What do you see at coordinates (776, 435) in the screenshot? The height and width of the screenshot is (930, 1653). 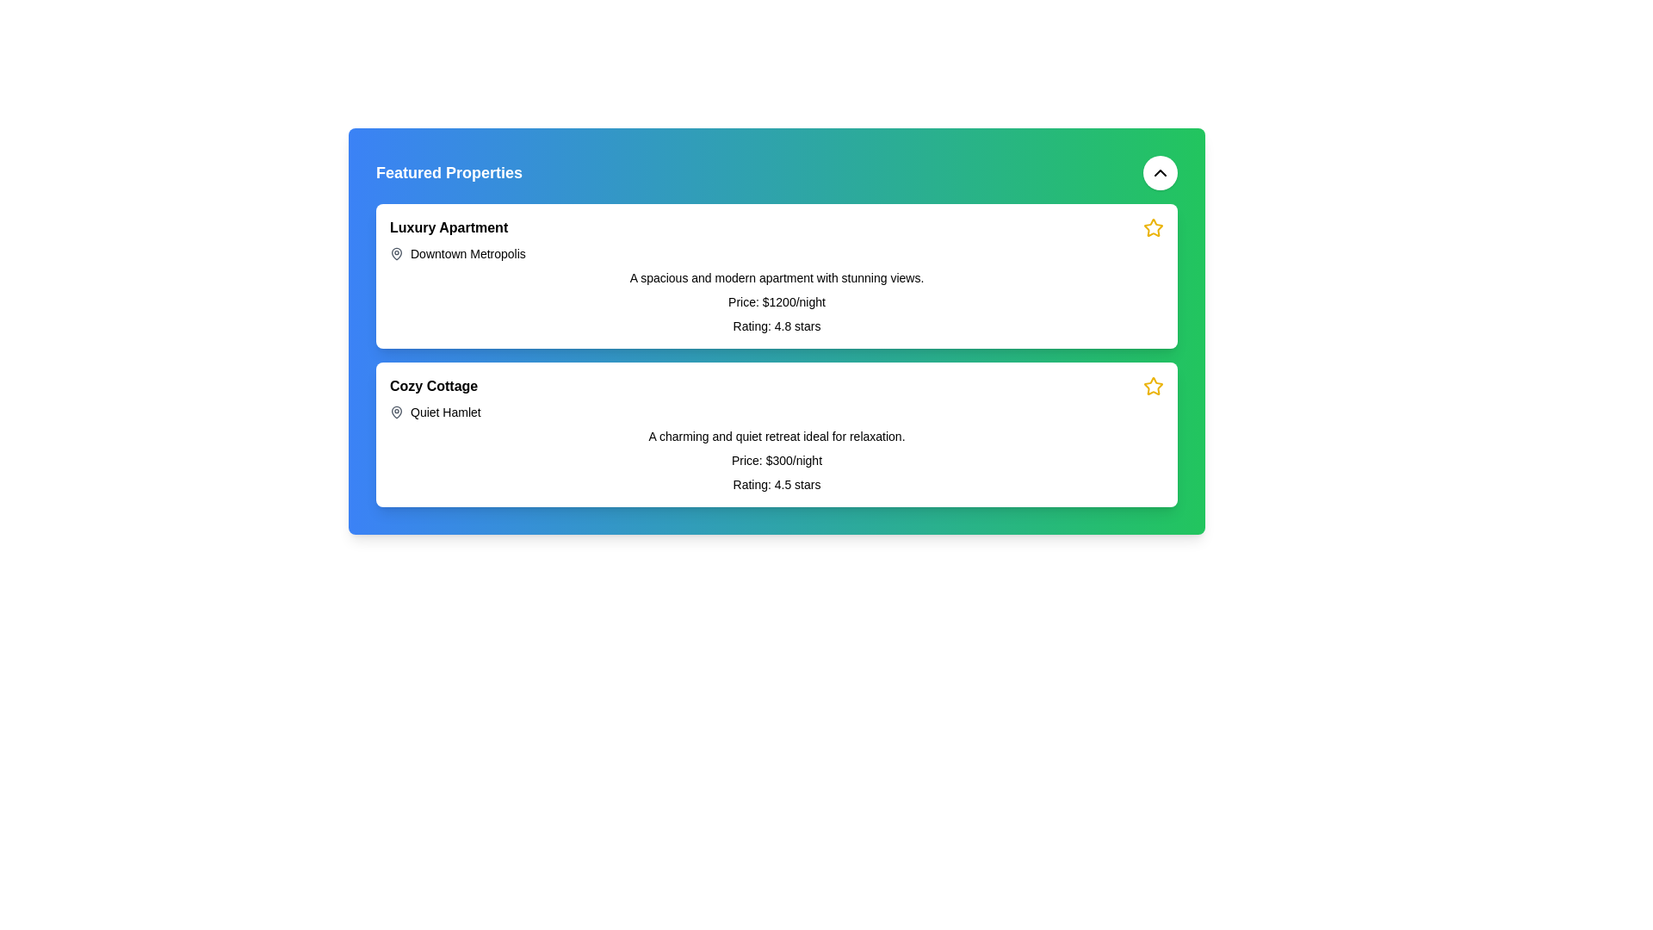 I see `descriptive text element located within the 'Cozy Cottage' section, positioned below the subtitle 'Quiet Hamlet'` at bounding box center [776, 435].